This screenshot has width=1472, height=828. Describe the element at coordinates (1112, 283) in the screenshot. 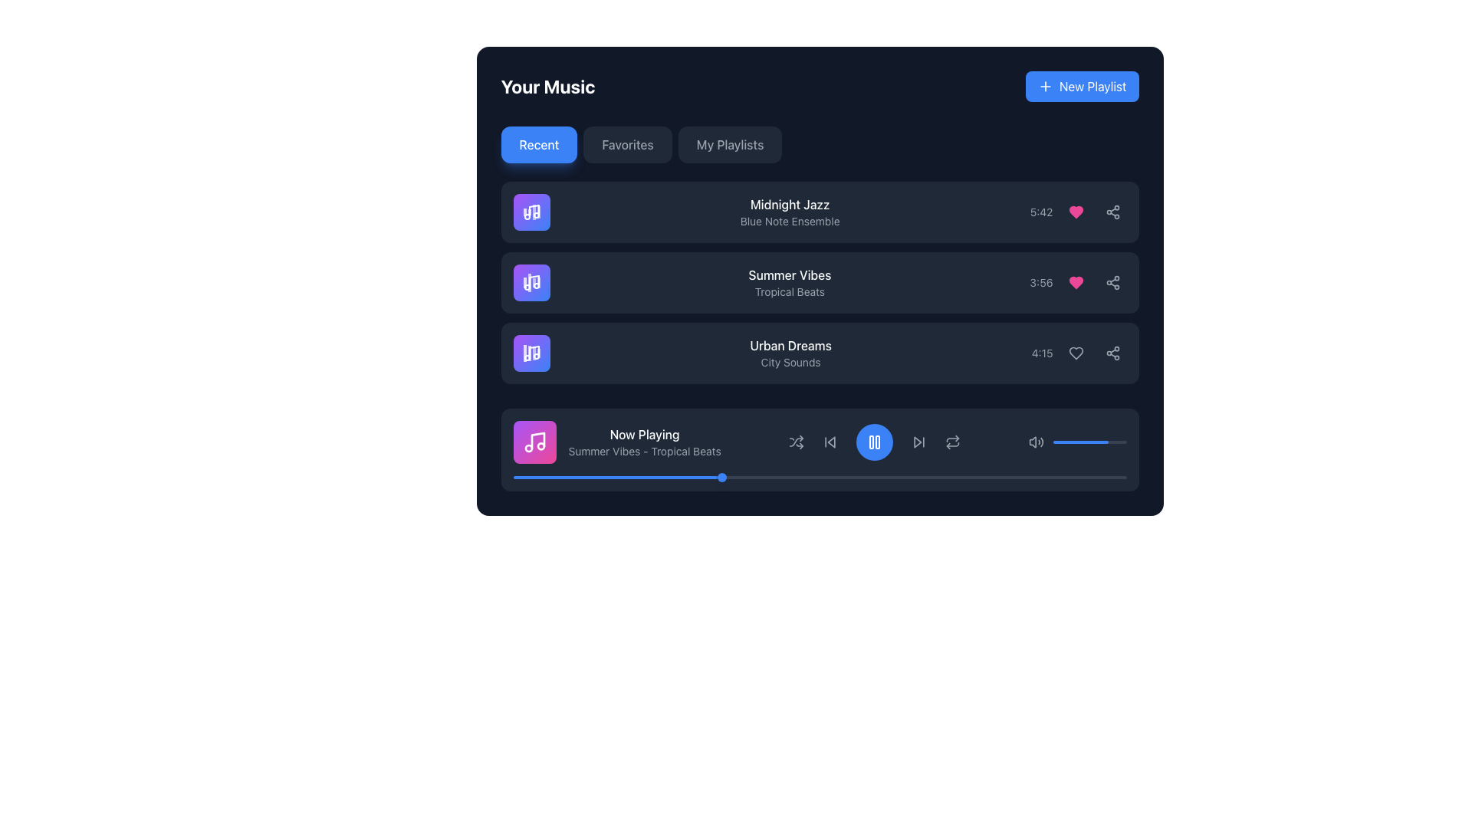

I see `the circular button icon featuring a share symbol, located to the right of the time display '3:56' in the second song entry under the 'Recent' tab, to change its color from light gray to white` at that location.